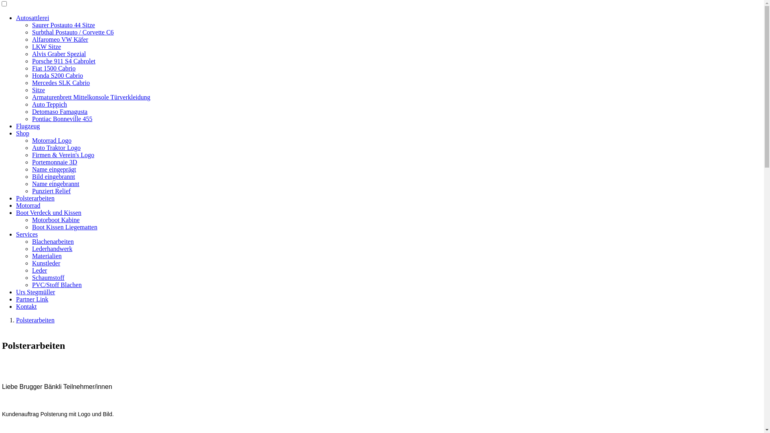  What do you see at coordinates (32, 54) in the screenshot?
I see `'Alvis Graber Spezial'` at bounding box center [32, 54].